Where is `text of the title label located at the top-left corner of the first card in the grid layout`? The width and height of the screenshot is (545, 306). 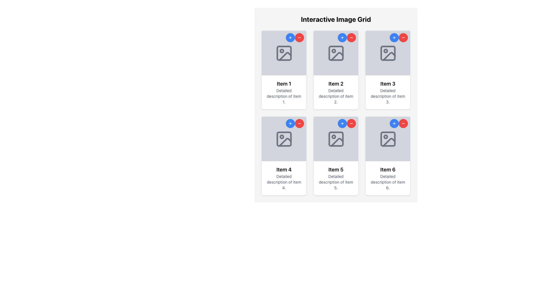
text of the title label located at the top-left corner of the first card in the grid layout is located at coordinates (284, 84).